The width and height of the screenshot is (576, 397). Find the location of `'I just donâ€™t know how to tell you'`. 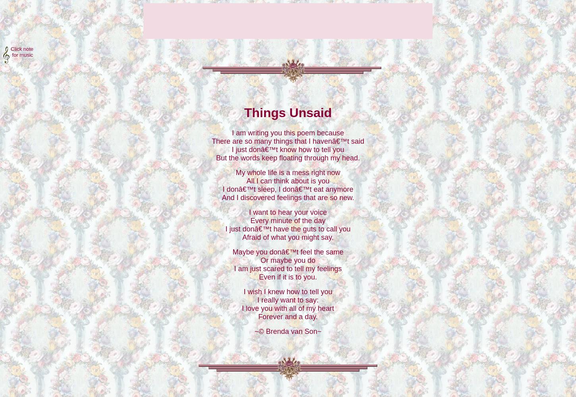

'I just donâ€™t know how to tell you' is located at coordinates (287, 149).